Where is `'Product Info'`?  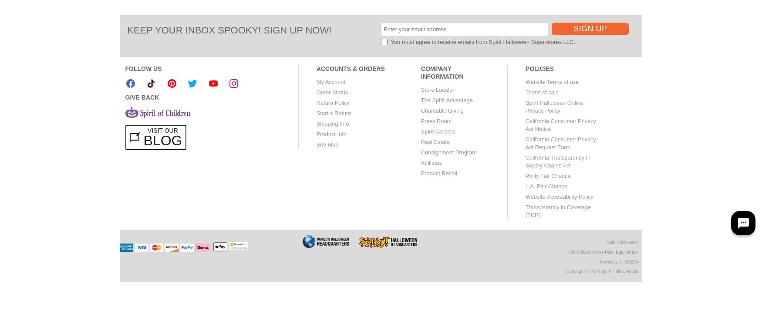
'Product Info' is located at coordinates (330, 134).